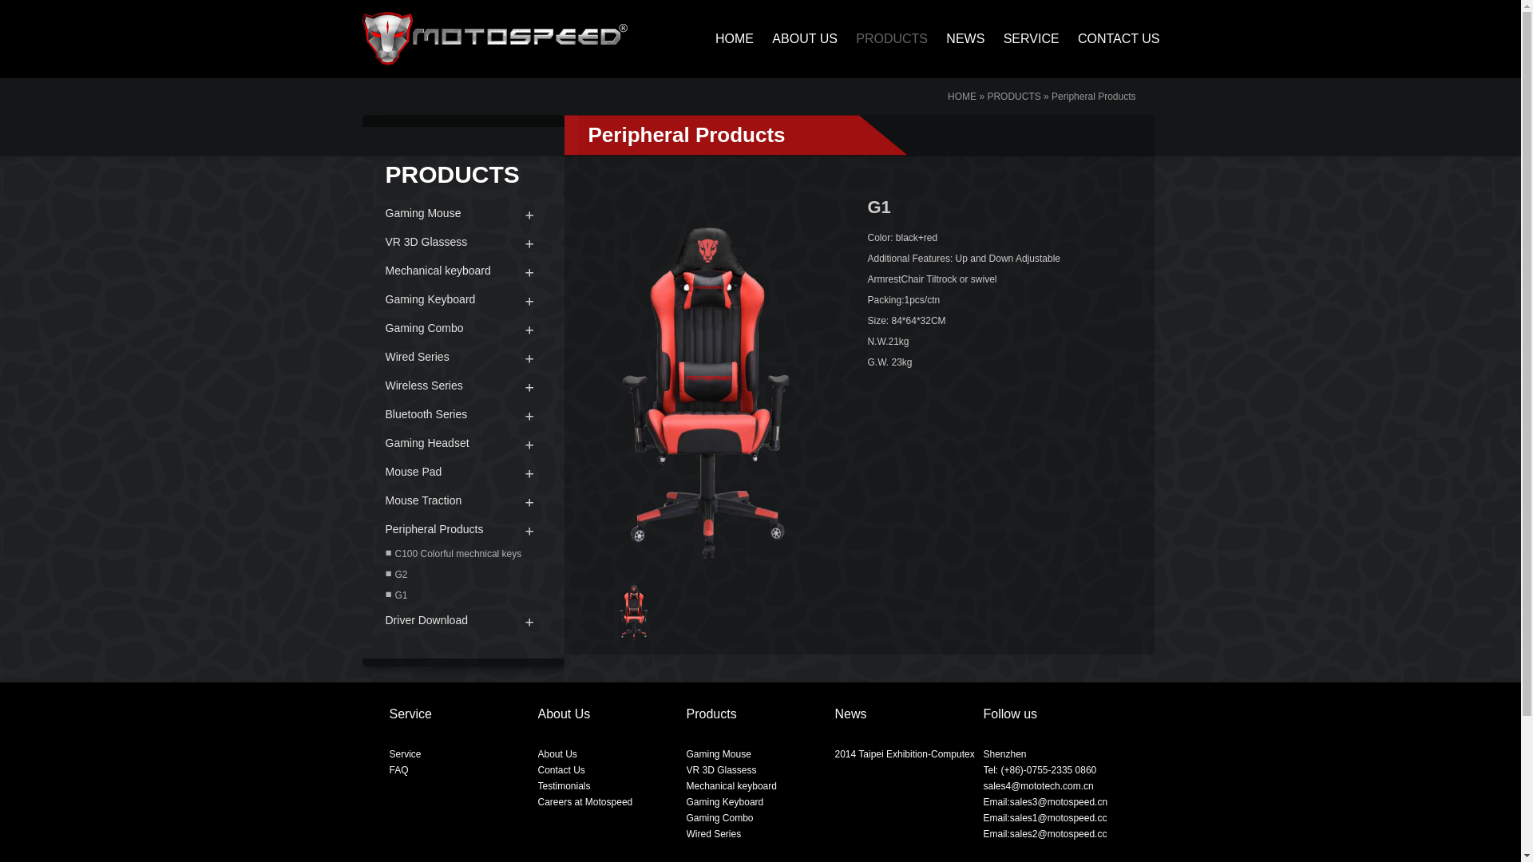 The width and height of the screenshot is (1533, 862). Describe the element at coordinates (359, 619) in the screenshot. I see `'Driver Download'` at that location.